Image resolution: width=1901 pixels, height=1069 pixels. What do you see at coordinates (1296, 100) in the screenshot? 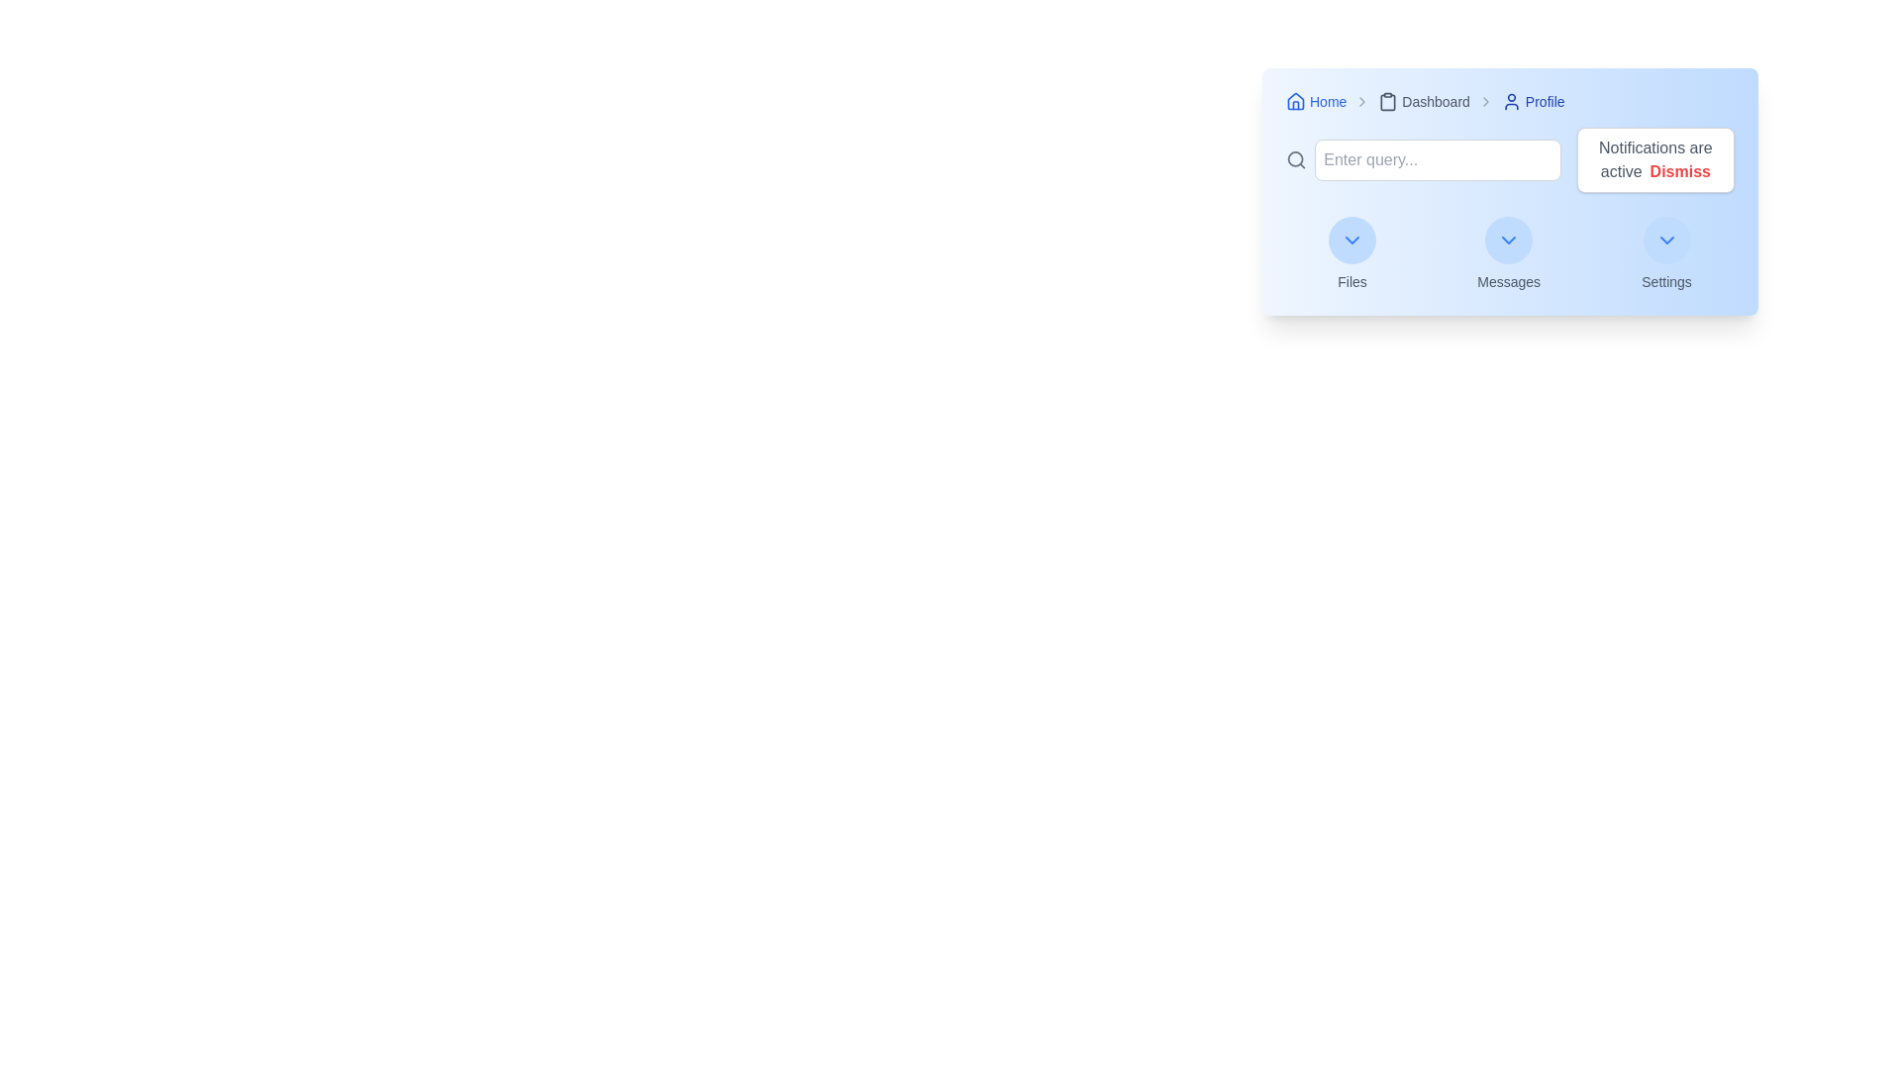
I see `the house icon located at the top-left region of the interface, next to the 'Home' navigation label` at bounding box center [1296, 100].